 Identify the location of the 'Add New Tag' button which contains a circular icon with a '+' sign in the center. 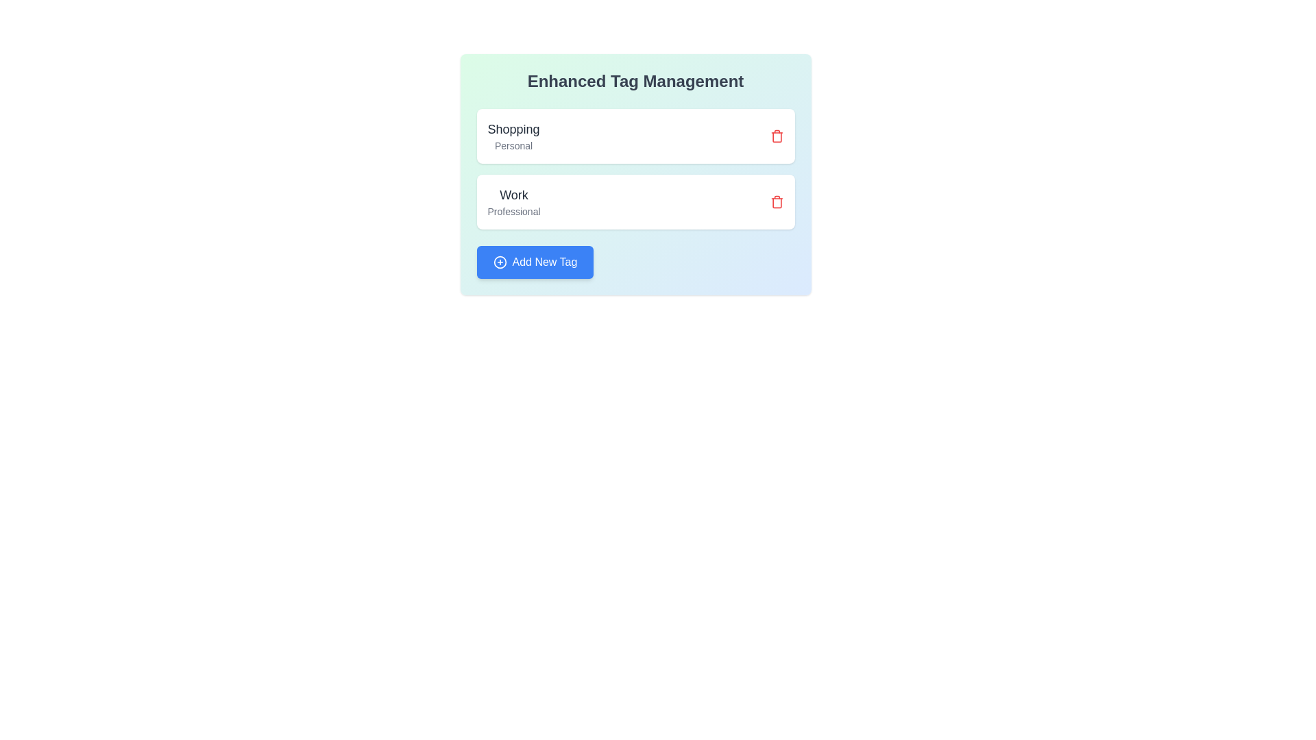
(499, 262).